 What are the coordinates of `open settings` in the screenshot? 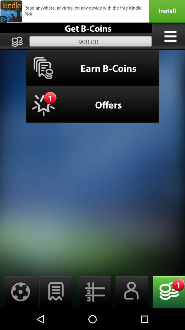 It's located at (18, 291).